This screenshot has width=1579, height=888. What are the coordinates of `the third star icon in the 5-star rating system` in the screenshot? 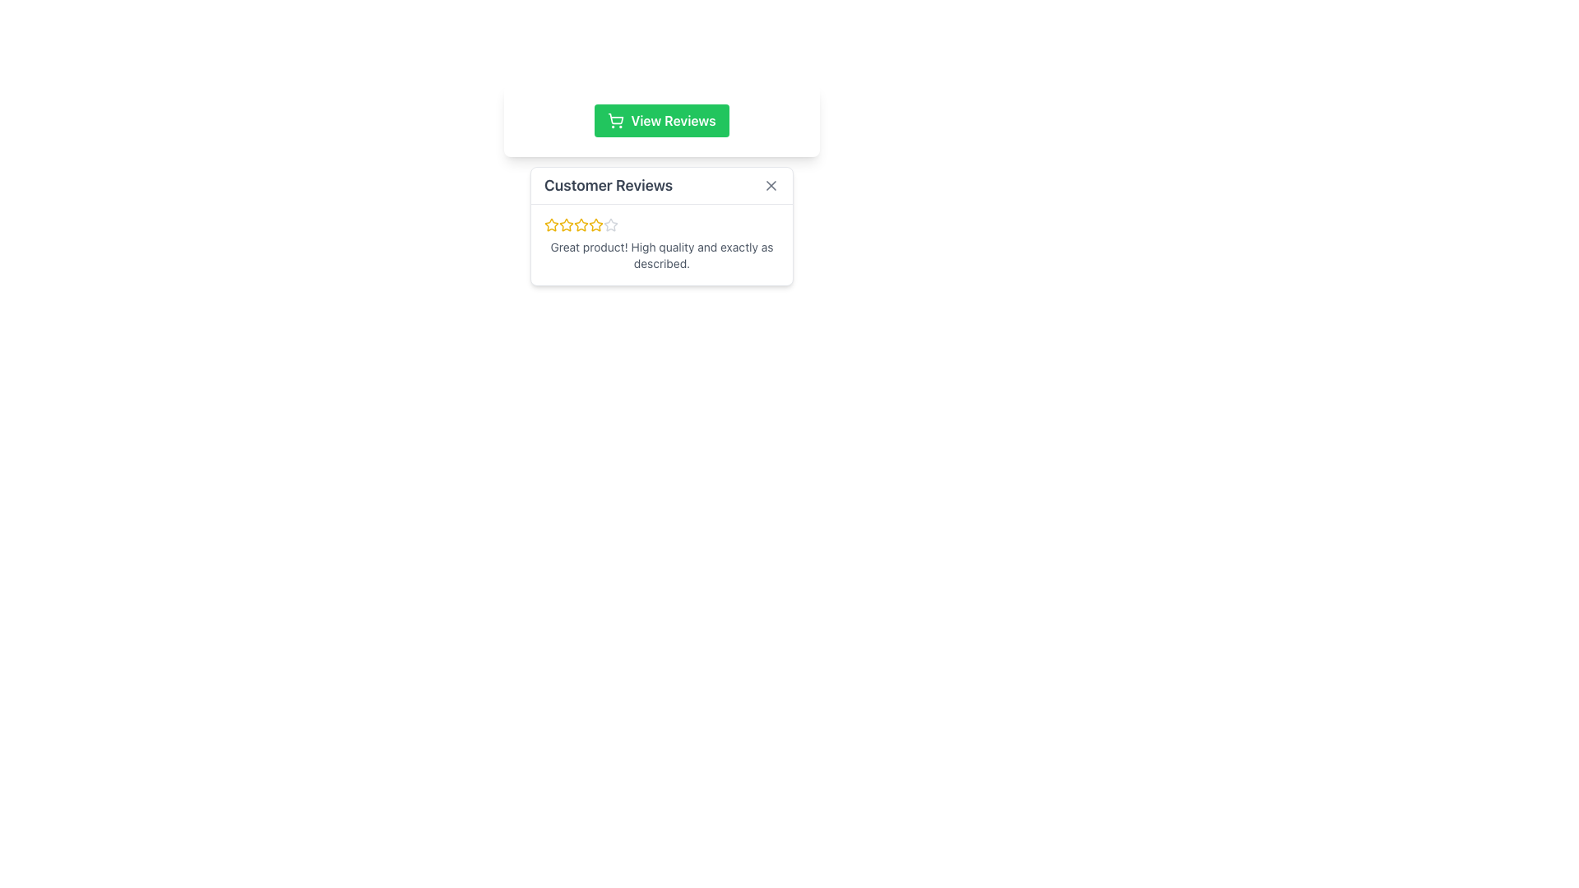 It's located at (567, 224).